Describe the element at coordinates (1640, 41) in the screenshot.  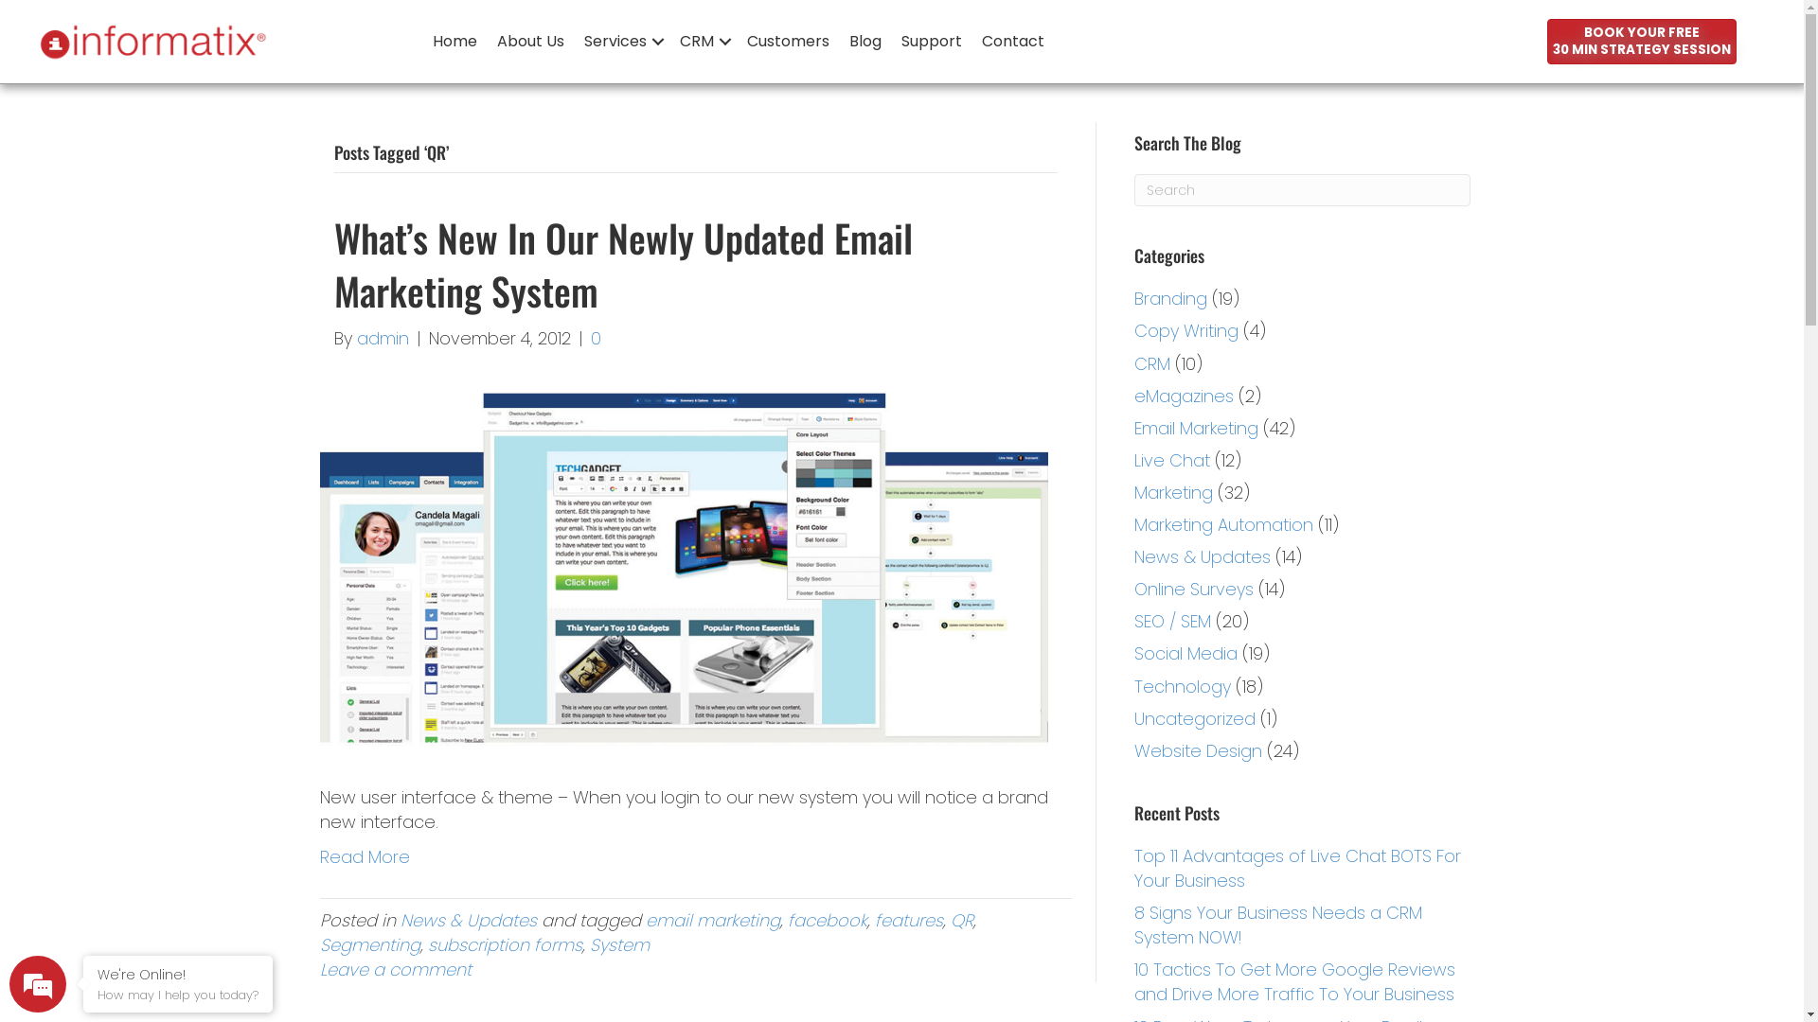
I see `'BOOK YOUR FREE` at that location.